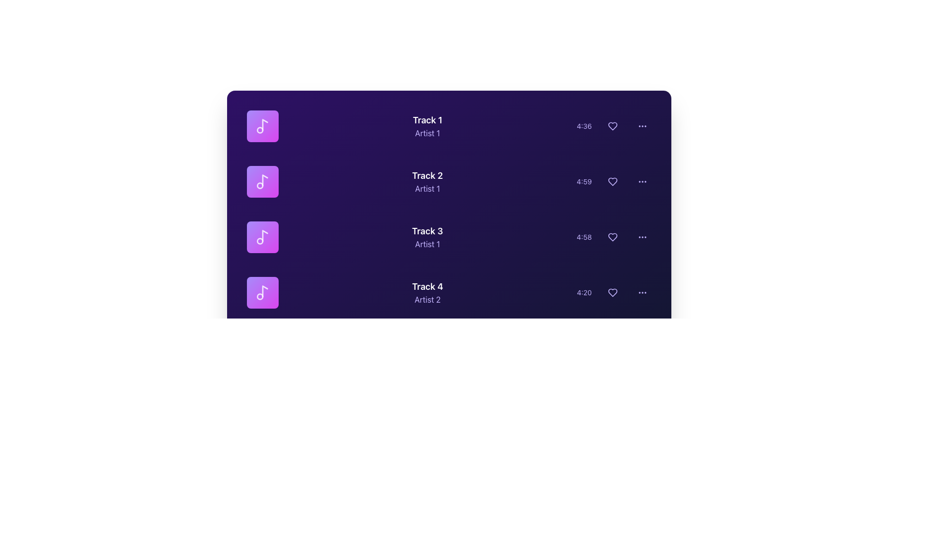 This screenshot has height=535, width=952. I want to click on the context menu trigger button located, so click(642, 125).